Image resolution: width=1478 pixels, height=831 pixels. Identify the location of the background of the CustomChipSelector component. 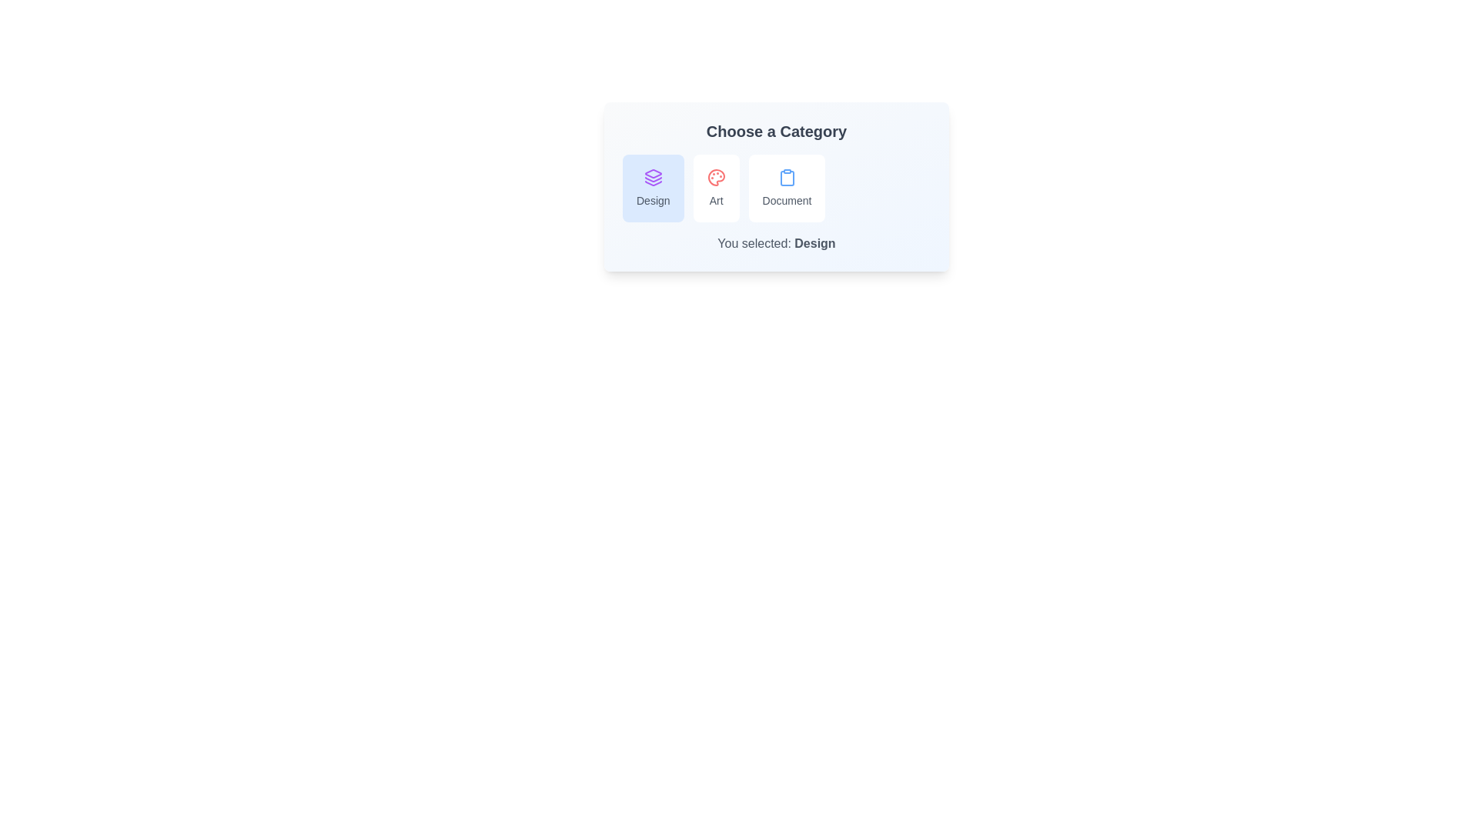
(776, 333).